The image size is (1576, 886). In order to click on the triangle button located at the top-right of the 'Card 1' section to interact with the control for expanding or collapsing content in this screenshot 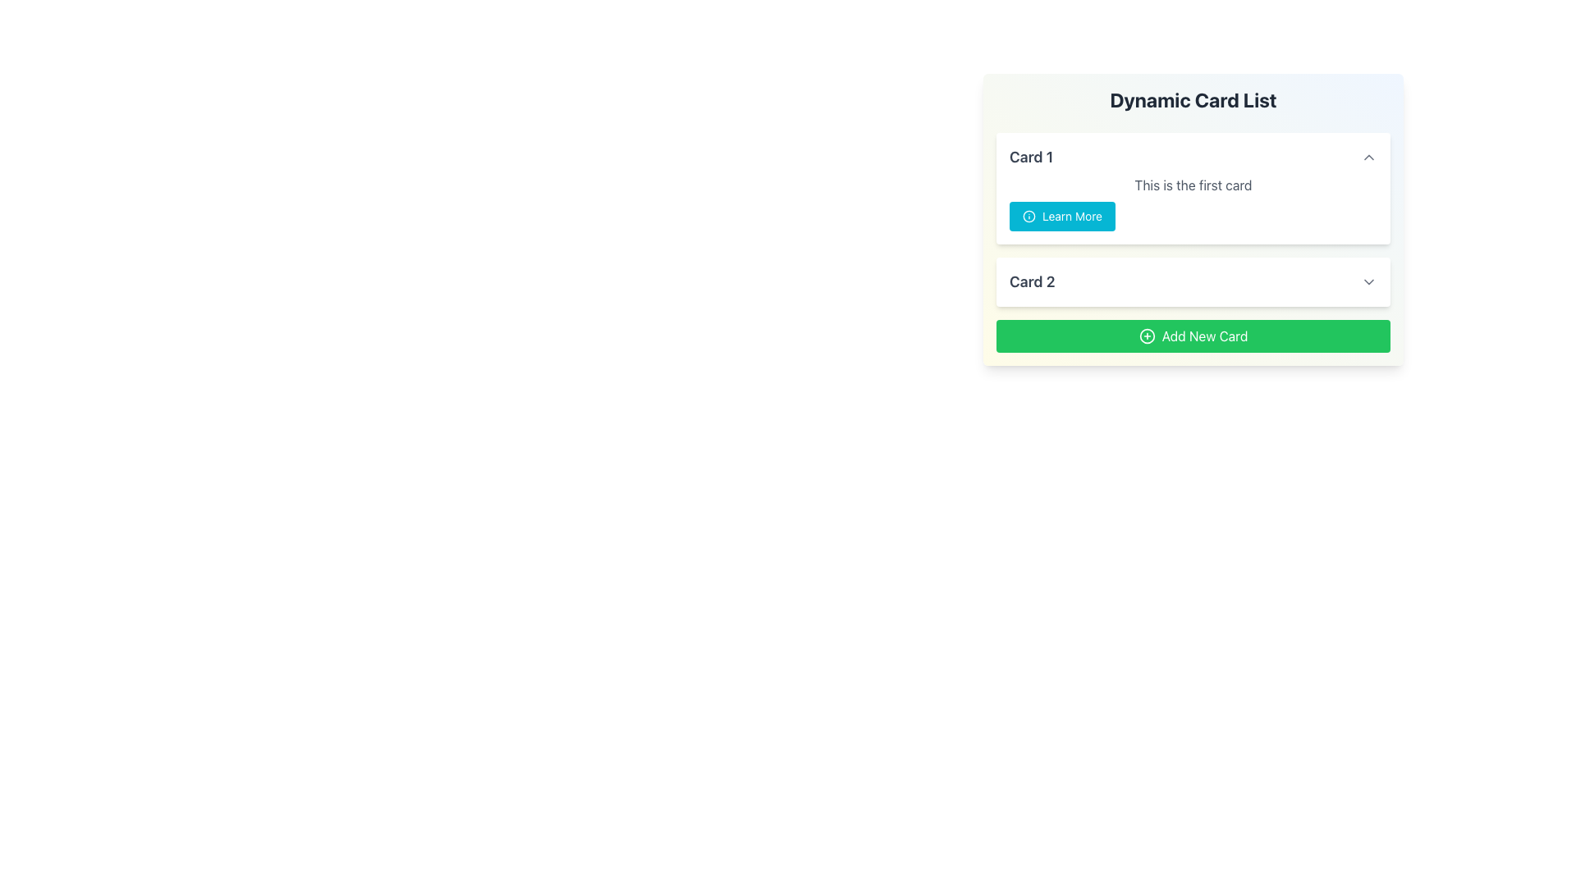, I will do `click(1369, 158)`.